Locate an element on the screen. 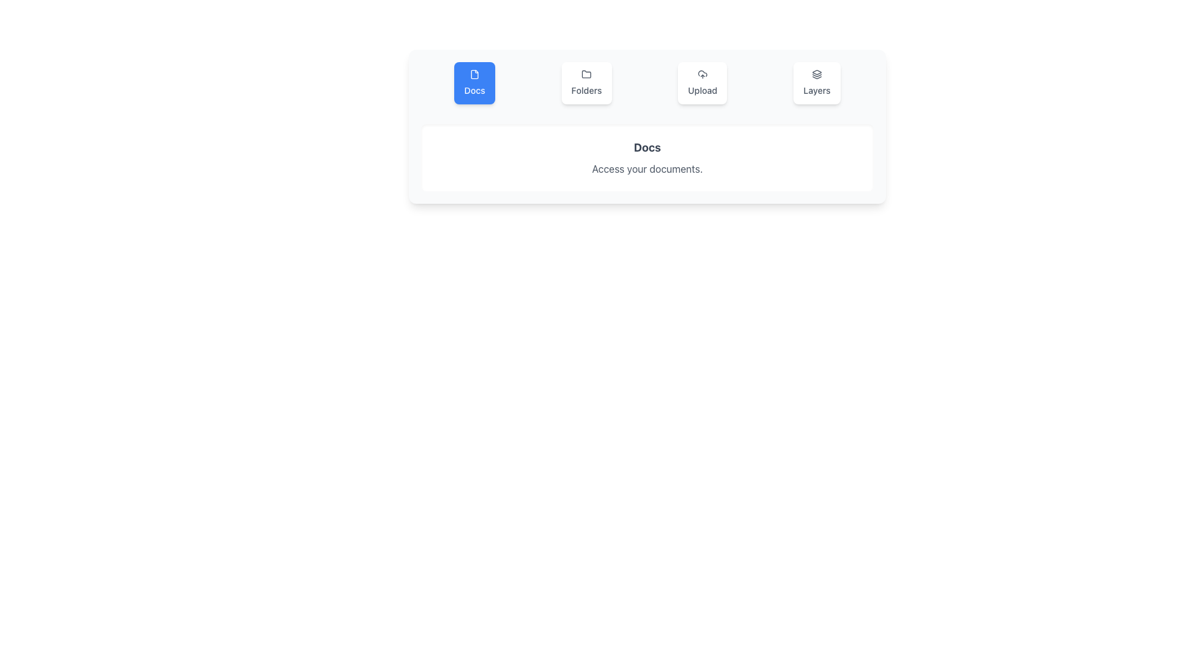 Image resolution: width=1193 pixels, height=671 pixels. the 'Folders' icon located in the toolbar is located at coordinates (586, 74).